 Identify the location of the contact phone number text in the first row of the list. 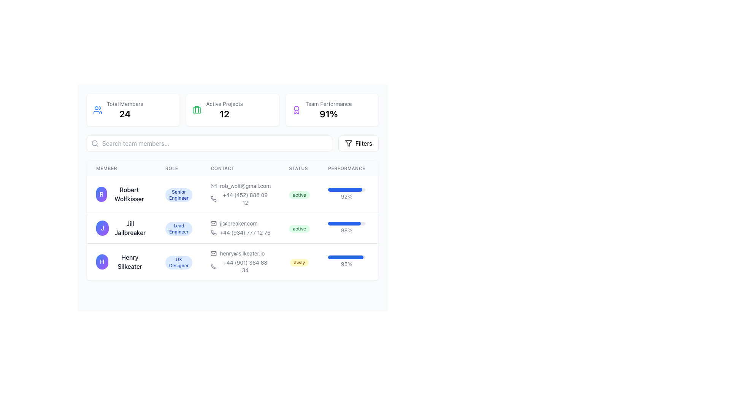
(240, 199).